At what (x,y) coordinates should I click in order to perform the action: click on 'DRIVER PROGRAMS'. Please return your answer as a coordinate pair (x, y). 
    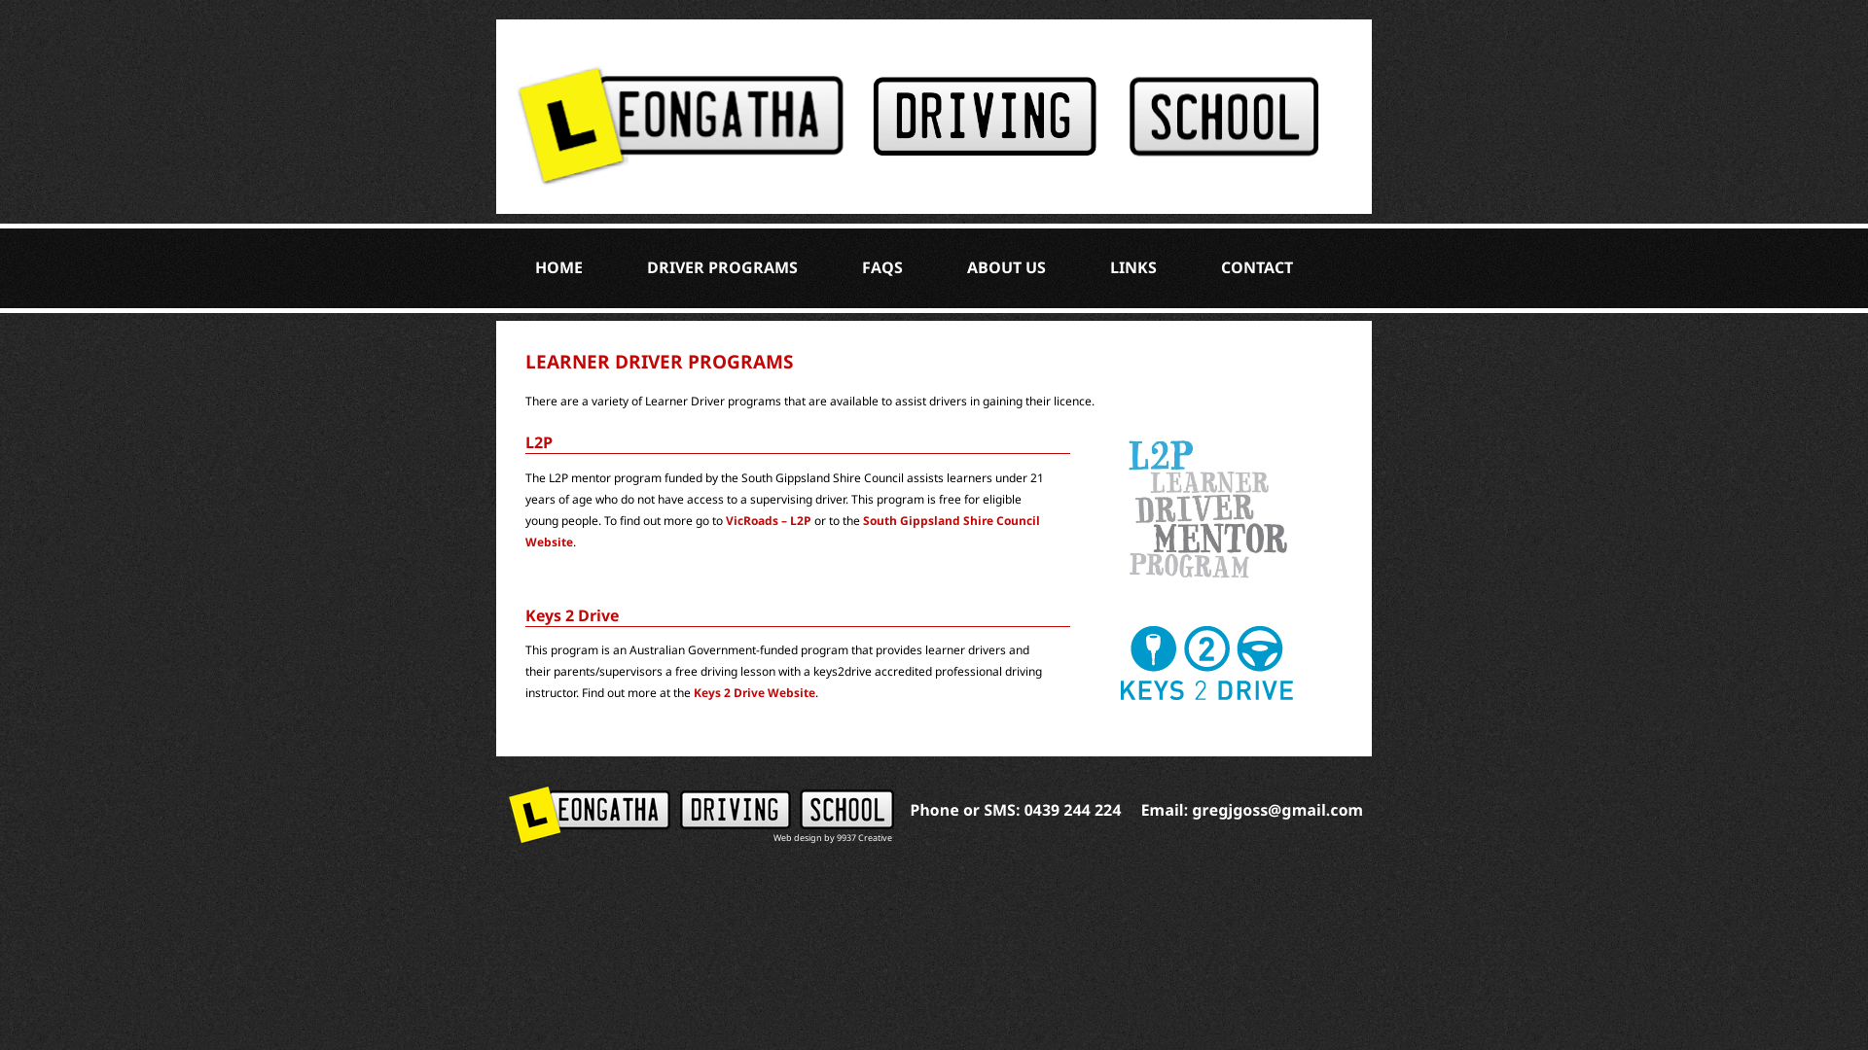
    Looking at the image, I should click on (721, 266).